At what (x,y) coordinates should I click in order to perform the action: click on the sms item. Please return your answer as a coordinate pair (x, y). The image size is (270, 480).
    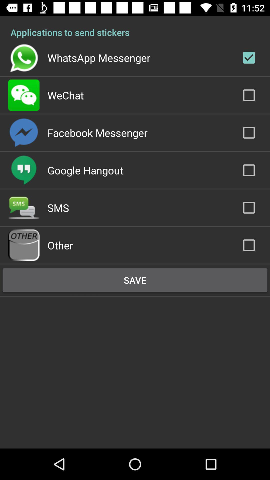
    Looking at the image, I should click on (58, 207).